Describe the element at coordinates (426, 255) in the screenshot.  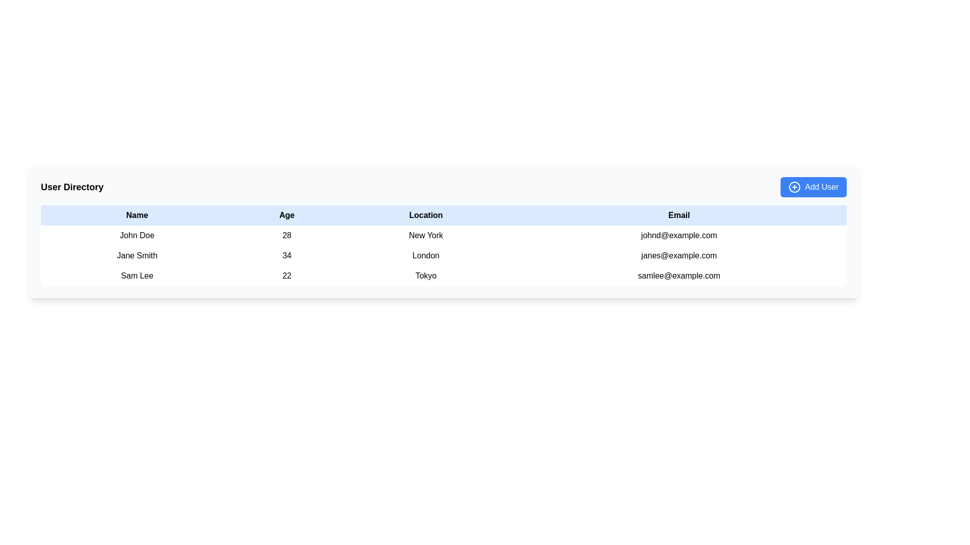
I see `text content of the static text label displaying the location information for Jane Smith, which is the third item in the row containing Name, Age, Location, and Email` at that location.